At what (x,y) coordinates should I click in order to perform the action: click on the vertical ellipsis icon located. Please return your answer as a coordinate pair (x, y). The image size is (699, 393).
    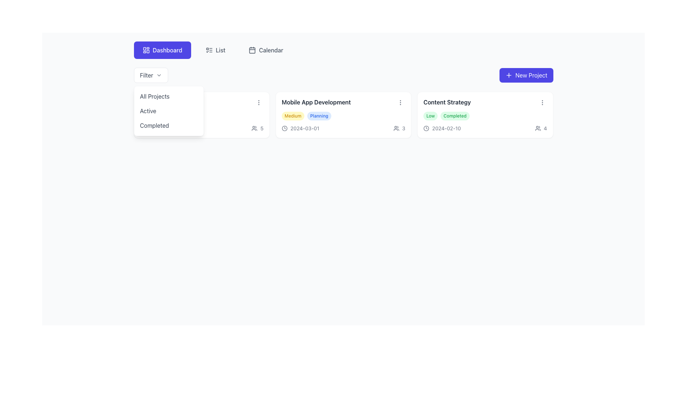
    Looking at the image, I should click on (400, 102).